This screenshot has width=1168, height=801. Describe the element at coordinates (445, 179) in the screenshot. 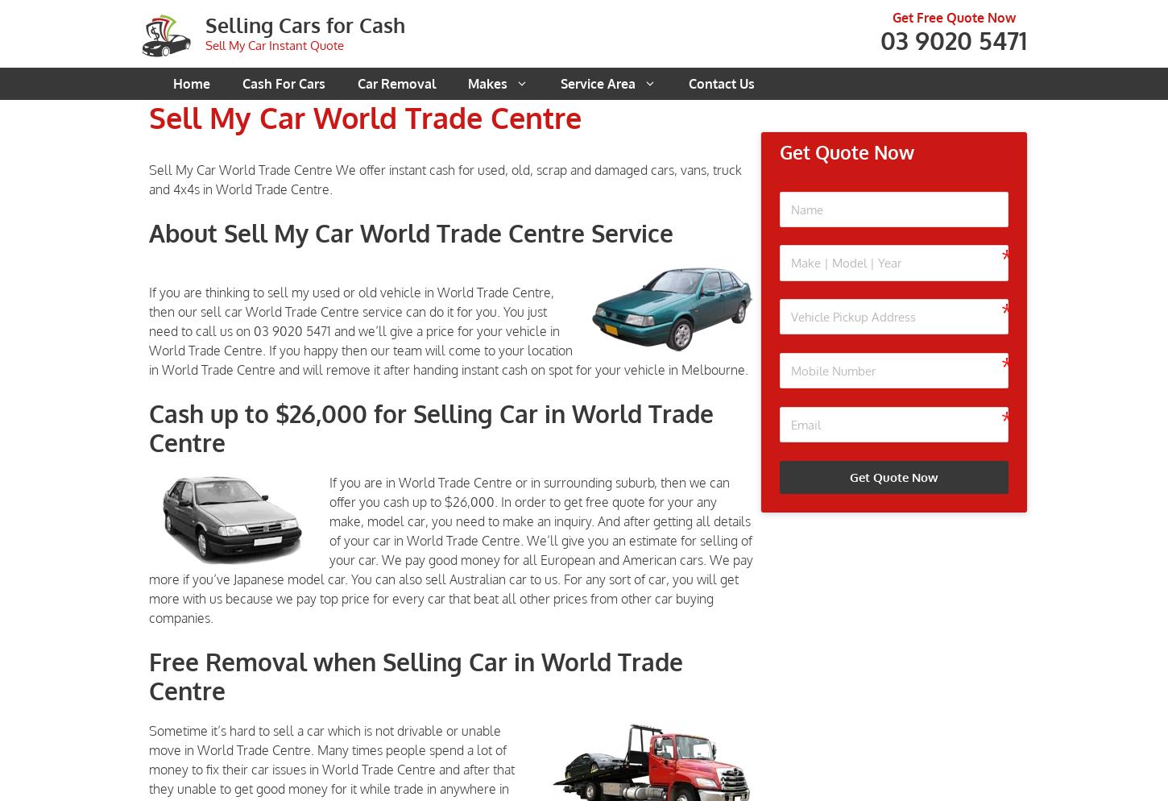

I see `'Sell My Car World Trade Centre We offer instant cash for used, old, scrap and damaged cars, vans, truck and 4x4s in World Trade Centre.'` at that location.